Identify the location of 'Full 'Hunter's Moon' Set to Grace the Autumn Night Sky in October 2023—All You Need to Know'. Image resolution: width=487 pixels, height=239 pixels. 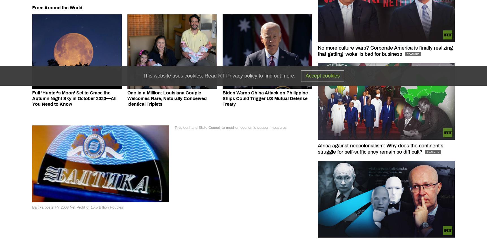
(32, 98).